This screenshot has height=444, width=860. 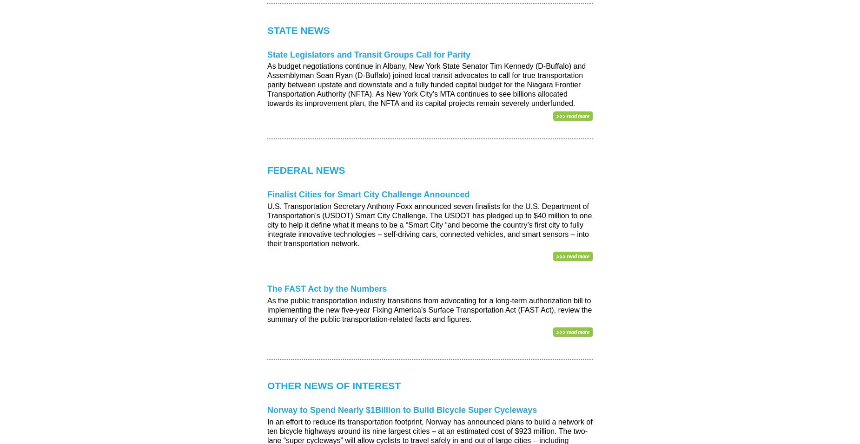 I want to click on 'Norway to Spend Nearly $1Billion to Build Bicycle Super Cycleways', so click(x=402, y=410).